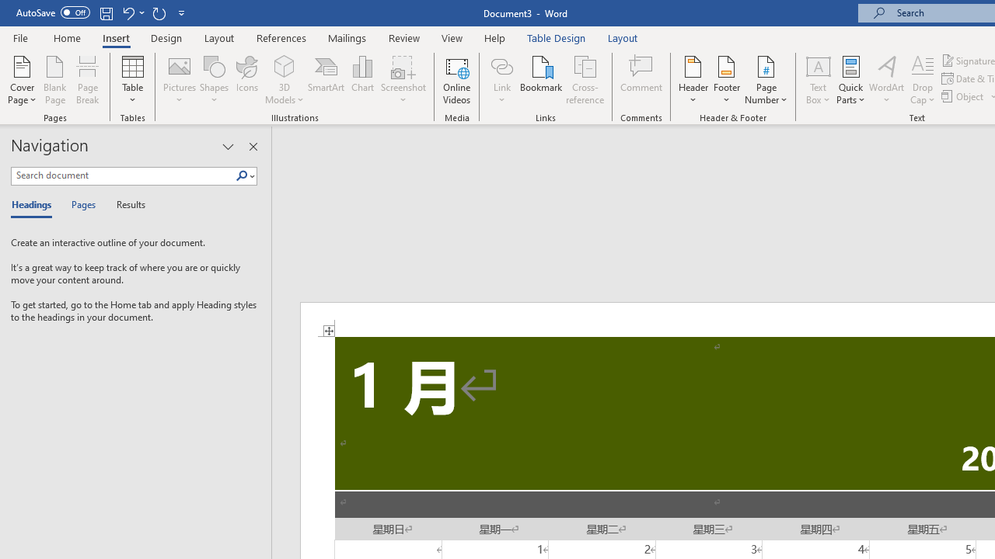  Describe the element at coordinates (81, 205) in the screenshot. I see `'Pages'` at that location.